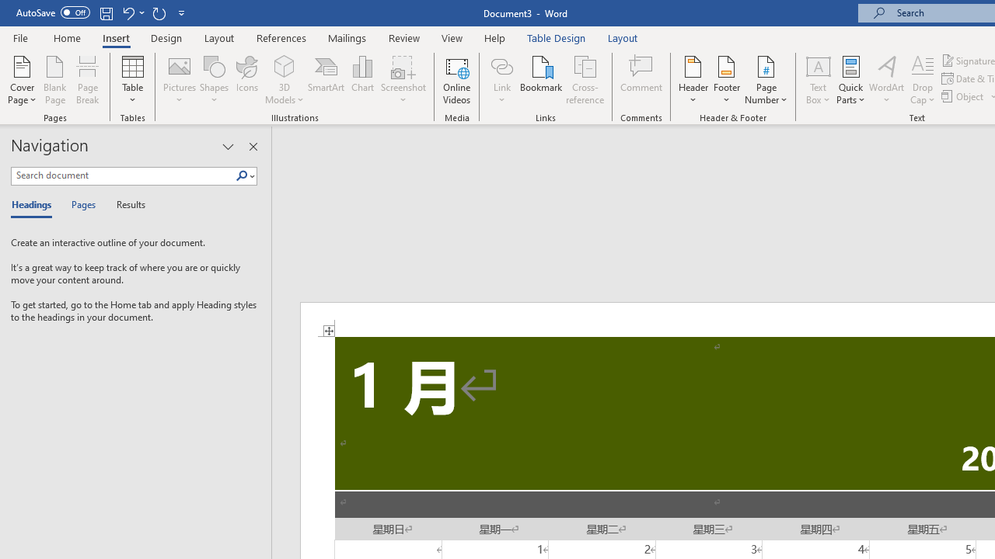  Describe the element at coordinates (81, 205) in the screenshot. I see `'Pages'` at that location.